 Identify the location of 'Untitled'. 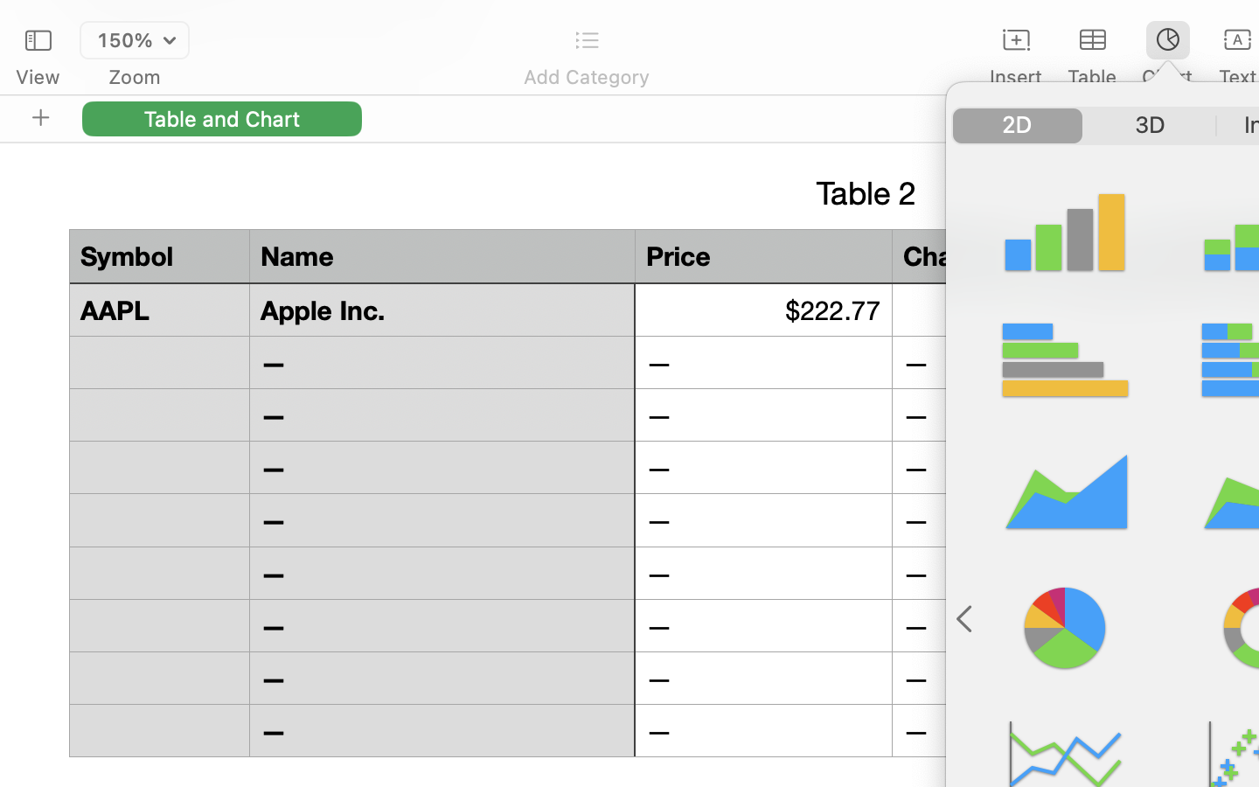
(1209, 22).